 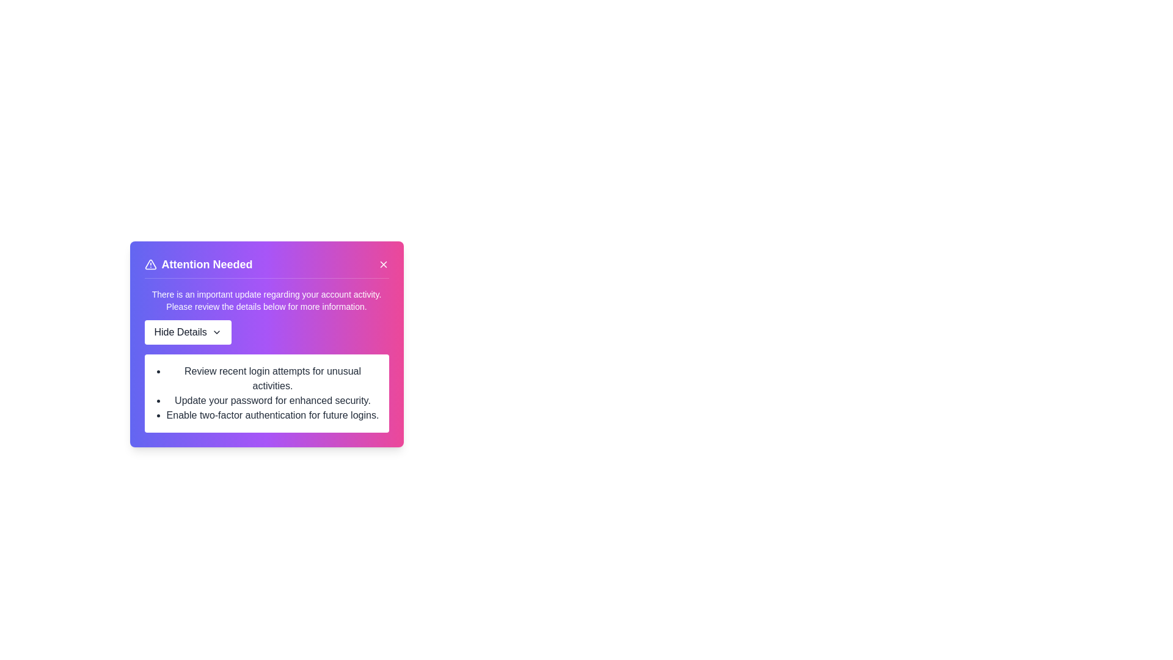 What do you see at coordinates (187, 332) in the screenshot?
I see `the 'Hide Details' button to toggle the visibility of additional details` at bounding box center [187, 332].